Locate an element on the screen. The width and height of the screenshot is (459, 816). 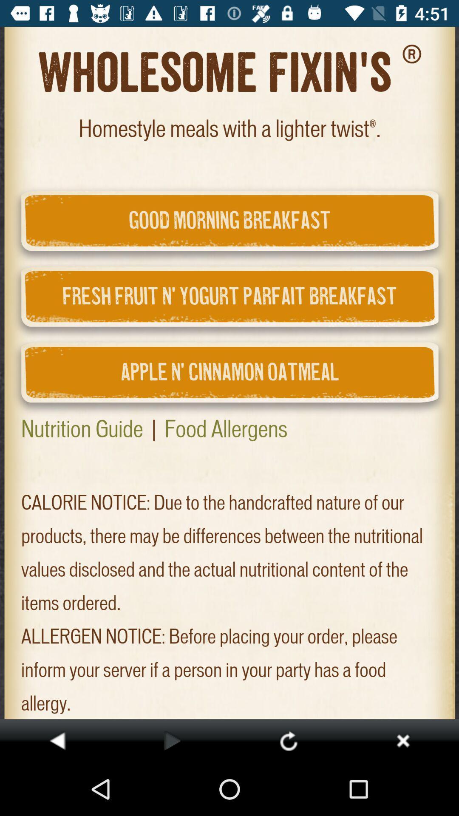
the skip_next icon is located at coordinates (402, 740).